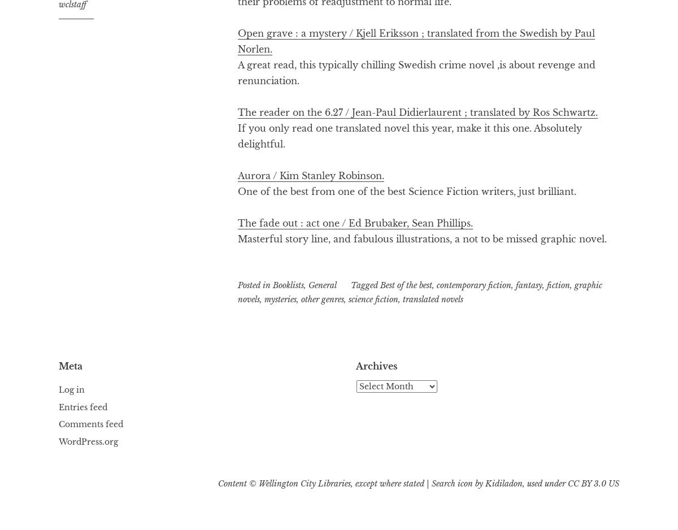 The width and height of the screenshot is (678, 530). I want to click on 'fiction', so click(546, 285).